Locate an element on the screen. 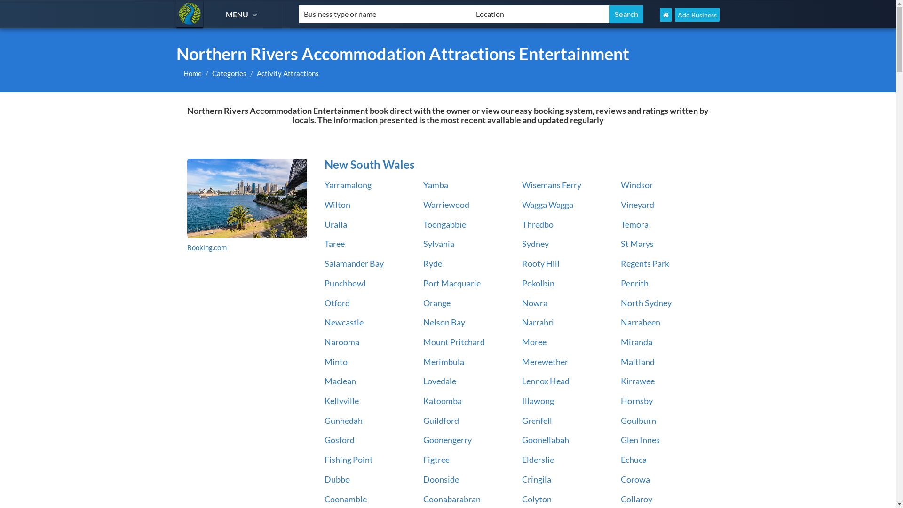 Image resolution: width=903 pixels, height=508 pixels. 'Regents Park' is located at coordinates (644, 263).